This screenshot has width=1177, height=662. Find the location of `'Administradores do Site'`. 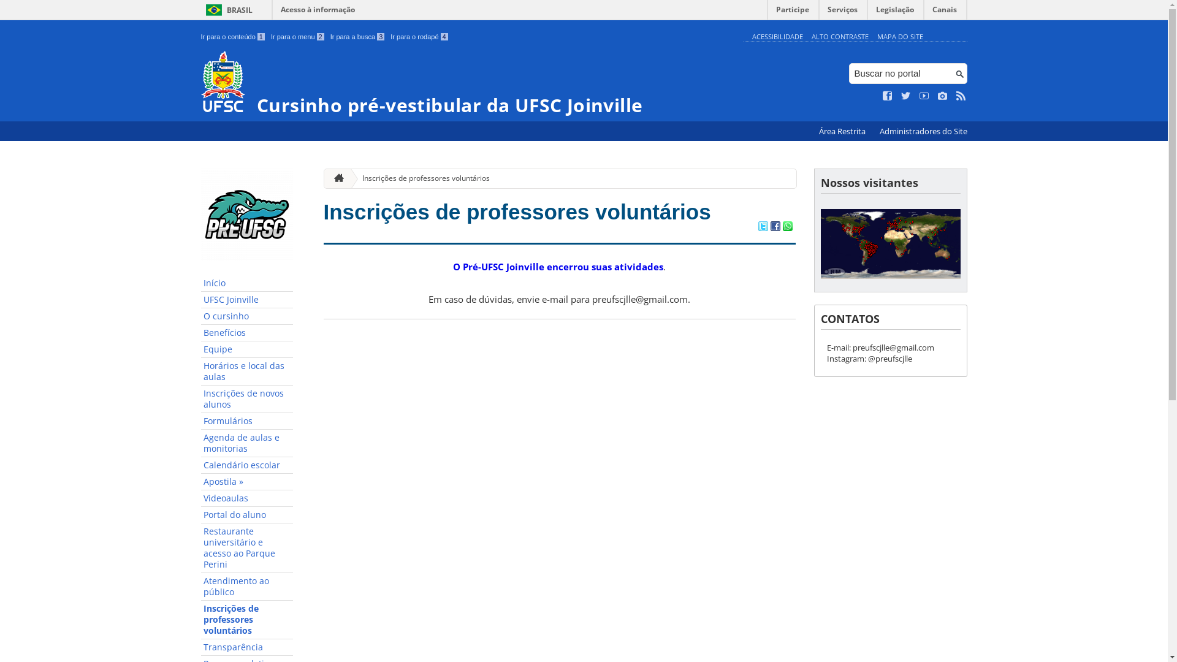

'Administradores do Site' is located at coordinates (923, 131).